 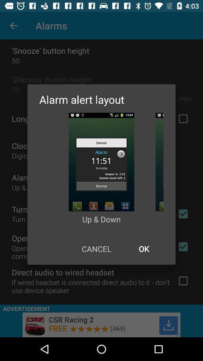 What do you see at coordinates (96, 249) in the screenshot?
I see `the cancel` at bounding box center [96, 249].